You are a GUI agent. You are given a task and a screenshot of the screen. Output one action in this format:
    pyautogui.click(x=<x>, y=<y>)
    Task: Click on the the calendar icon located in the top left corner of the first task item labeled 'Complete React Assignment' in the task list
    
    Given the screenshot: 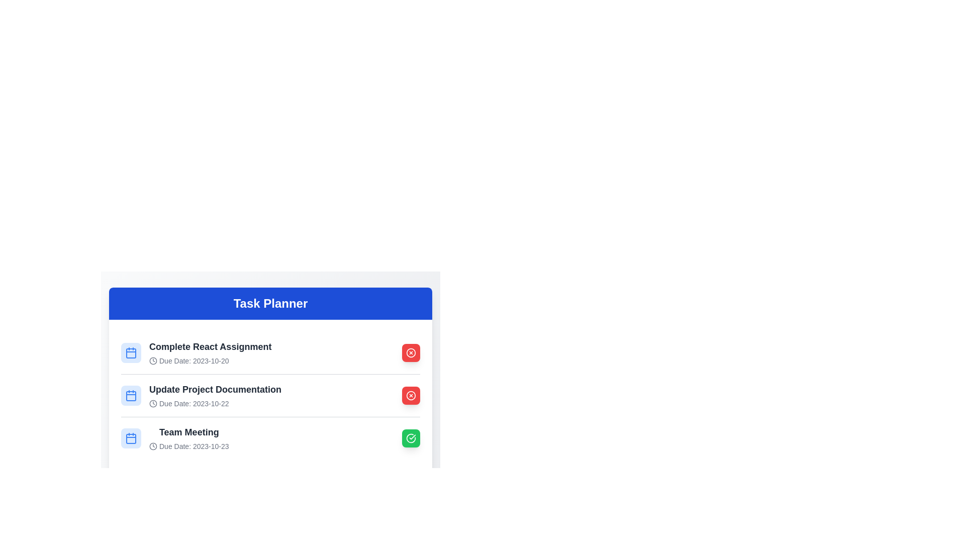 What is the action you would take?
    pyautogui.click(x=130, y=352)
    